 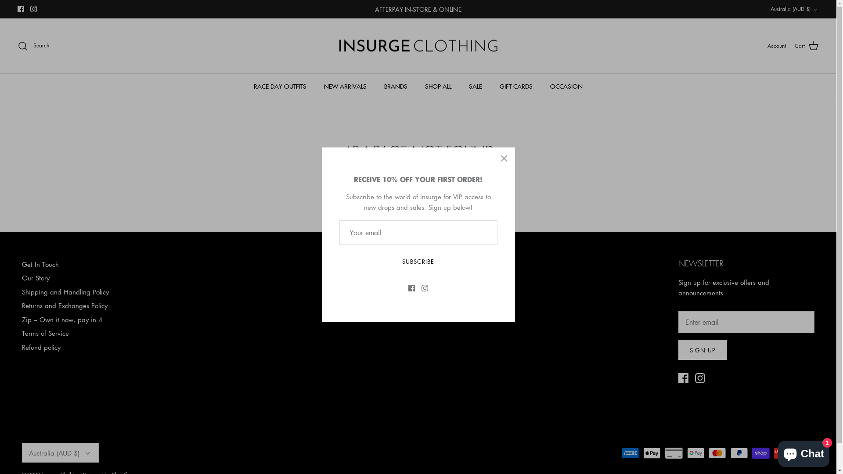 What do you see at coordinates (418, 46) in the screenshot?
I see `'Insurge Clothing'` at bounding box center [418, 46].